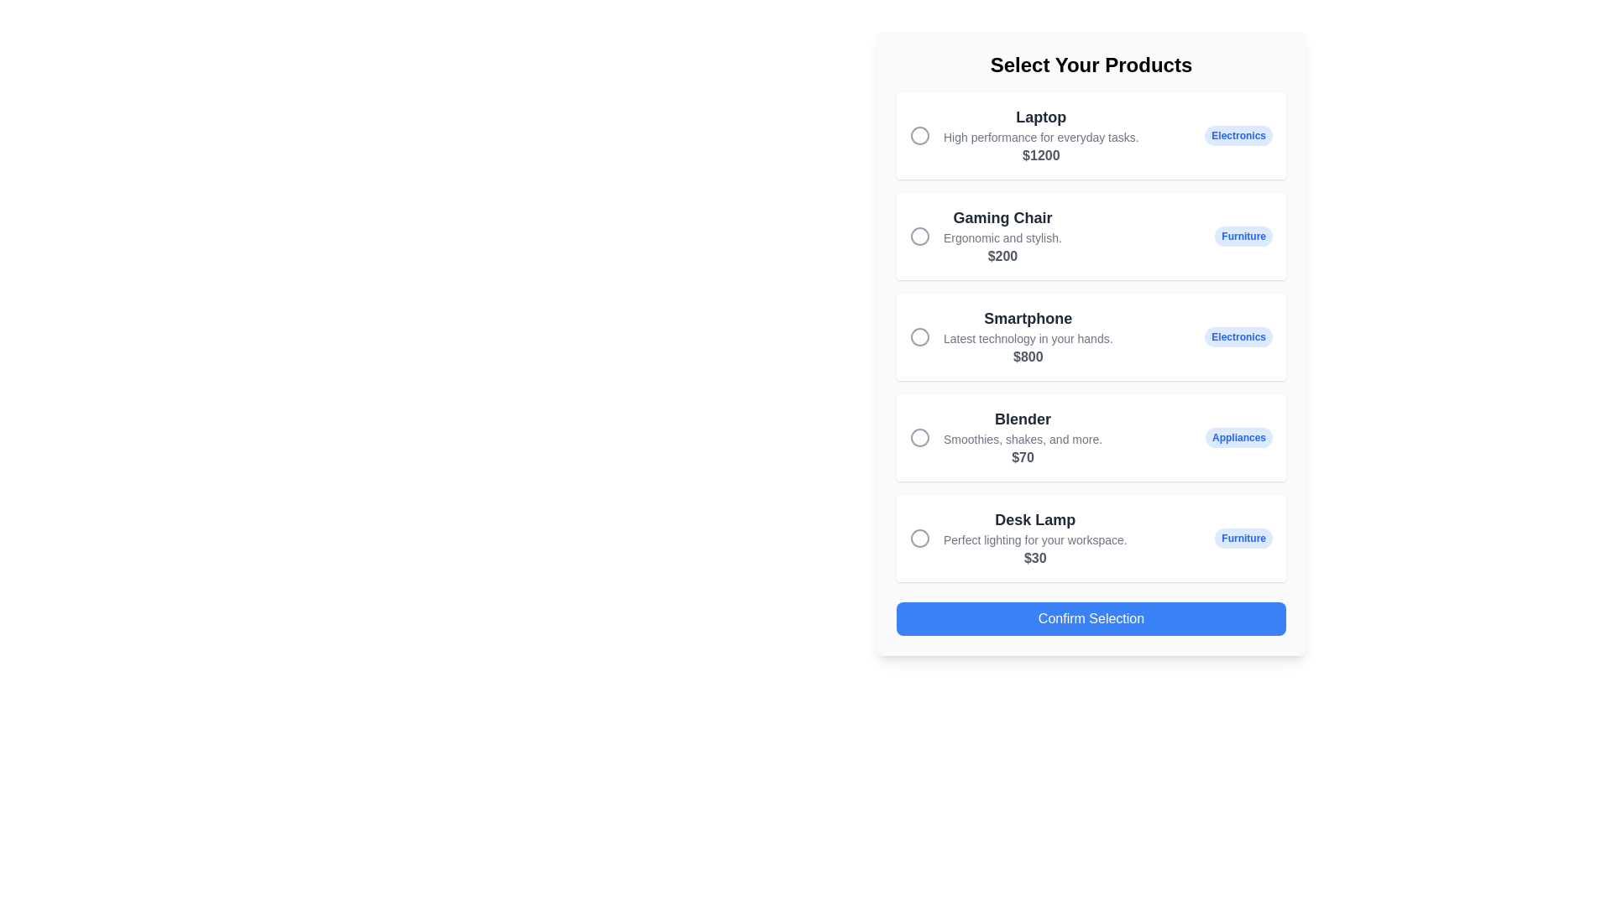  I want to click on the gray circular radio button located at the start of the 'Gaming Chair' product section under 'Select Your Products', so click(919, 236).